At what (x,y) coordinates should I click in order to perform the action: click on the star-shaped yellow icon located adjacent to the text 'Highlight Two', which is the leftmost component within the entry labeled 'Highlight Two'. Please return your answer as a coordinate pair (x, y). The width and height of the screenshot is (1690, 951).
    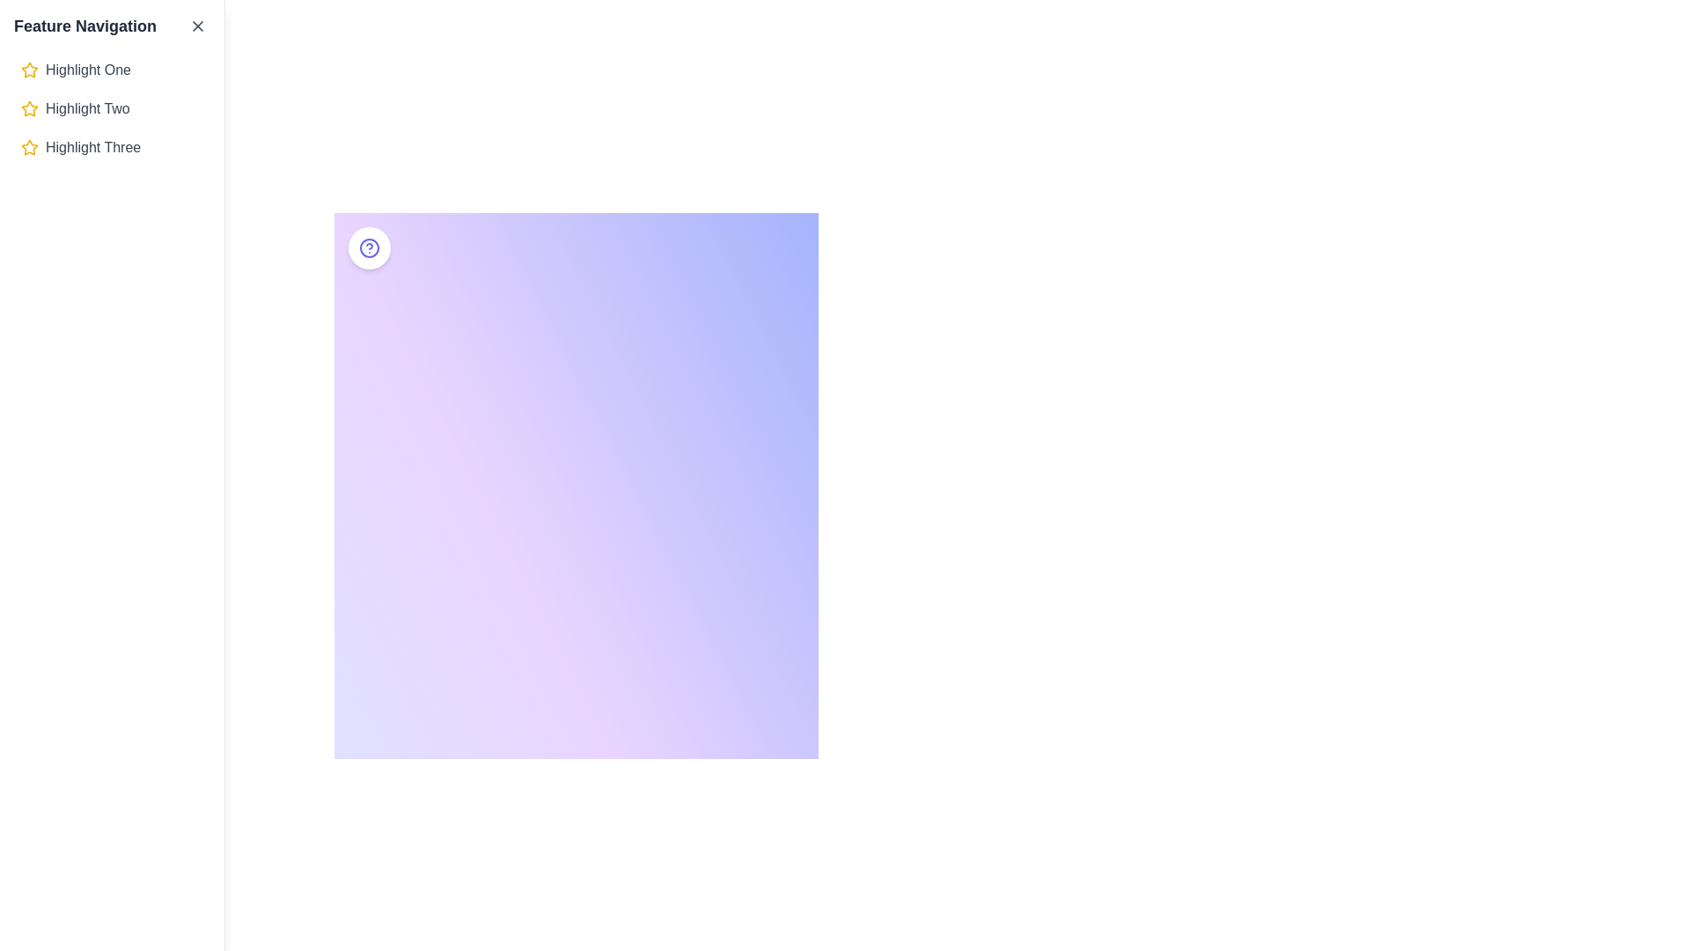
    Looking at the image, I should click on (29, 108).